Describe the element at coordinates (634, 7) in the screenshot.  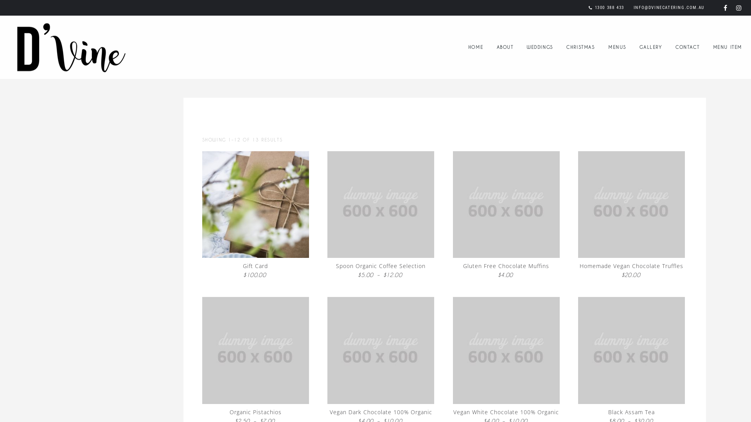
I see `'INFO@DVINECATERING.COM.AU'` at that location.